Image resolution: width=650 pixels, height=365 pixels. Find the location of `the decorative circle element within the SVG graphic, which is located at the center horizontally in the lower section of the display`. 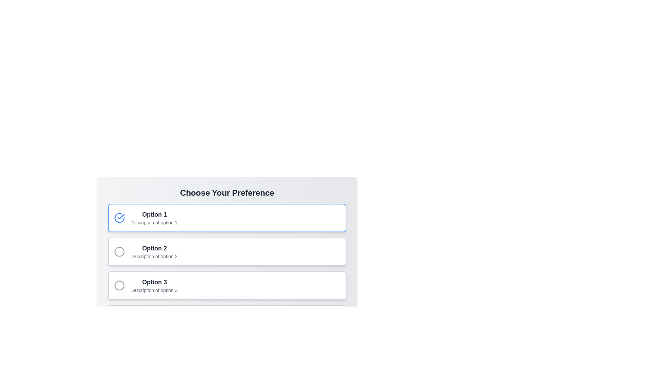

the decorative circle element within the SVG graphic, which is located at the center horizontally in the lower section of the display is located at coordinates (120, 319).